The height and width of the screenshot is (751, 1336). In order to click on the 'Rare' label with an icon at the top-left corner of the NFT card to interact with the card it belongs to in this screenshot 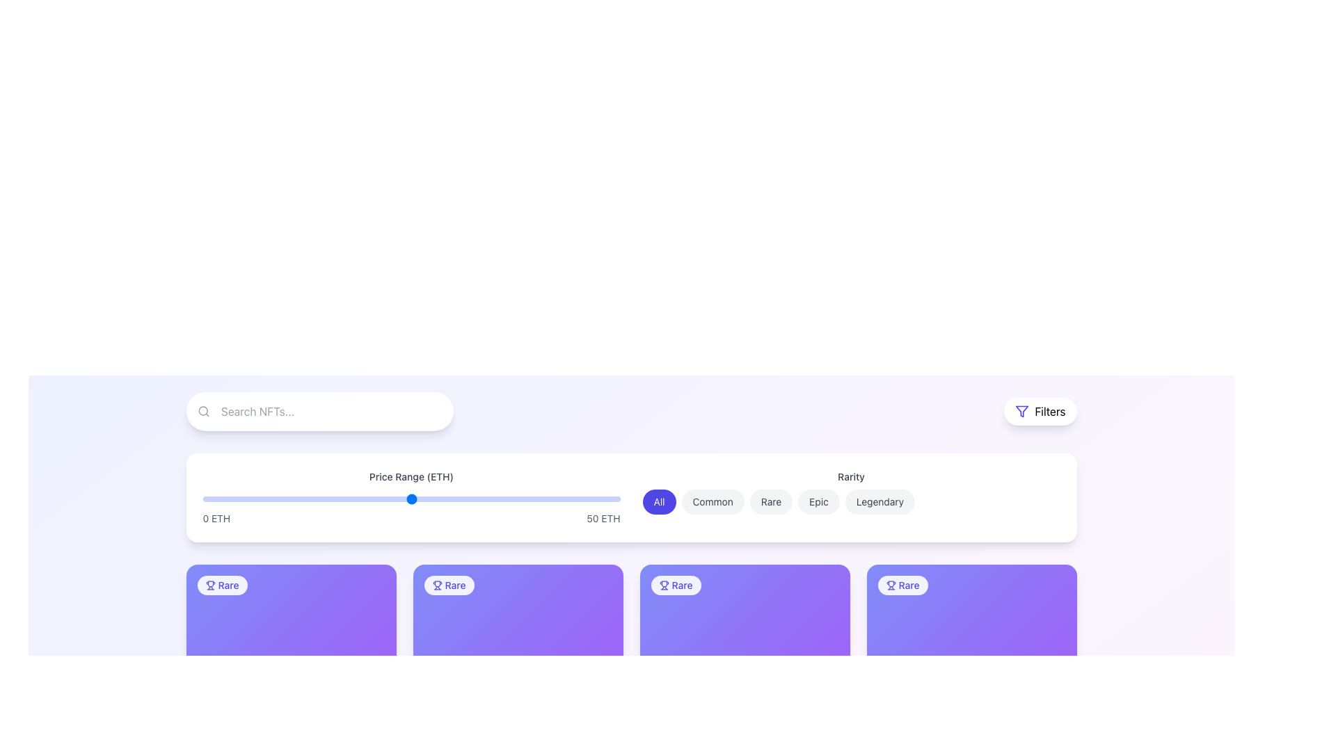, I will do `click(221, 585)`.